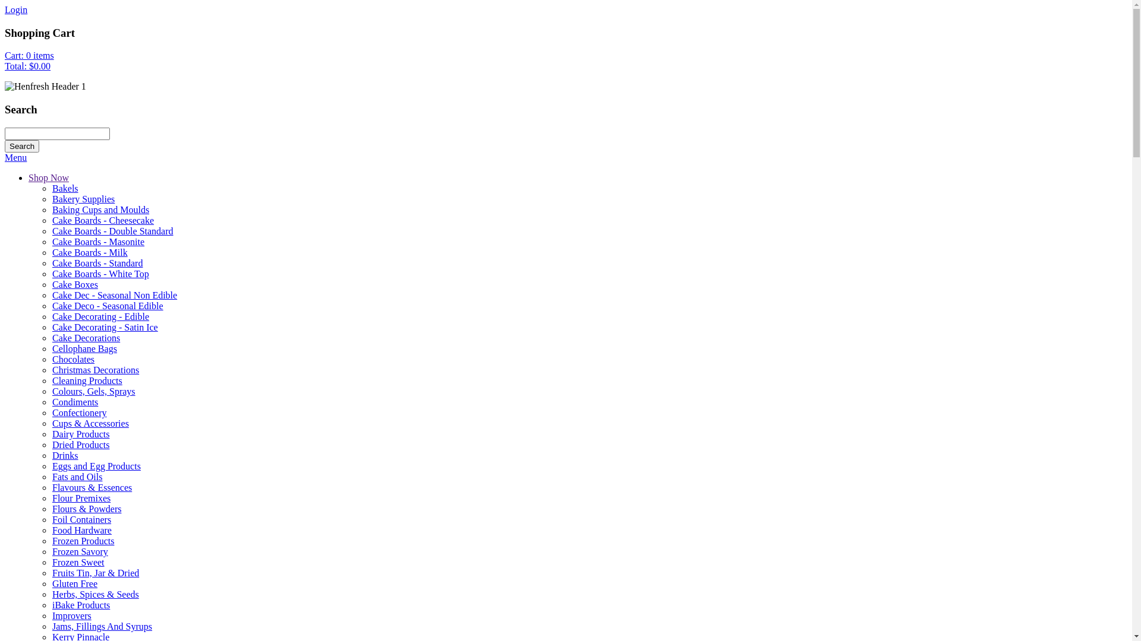 This screenshot has height=641, width=1141. What do you see at coordinates (65, 455) in the screenshot?
I see `'Drinks'` at bounding box center [65, 455].